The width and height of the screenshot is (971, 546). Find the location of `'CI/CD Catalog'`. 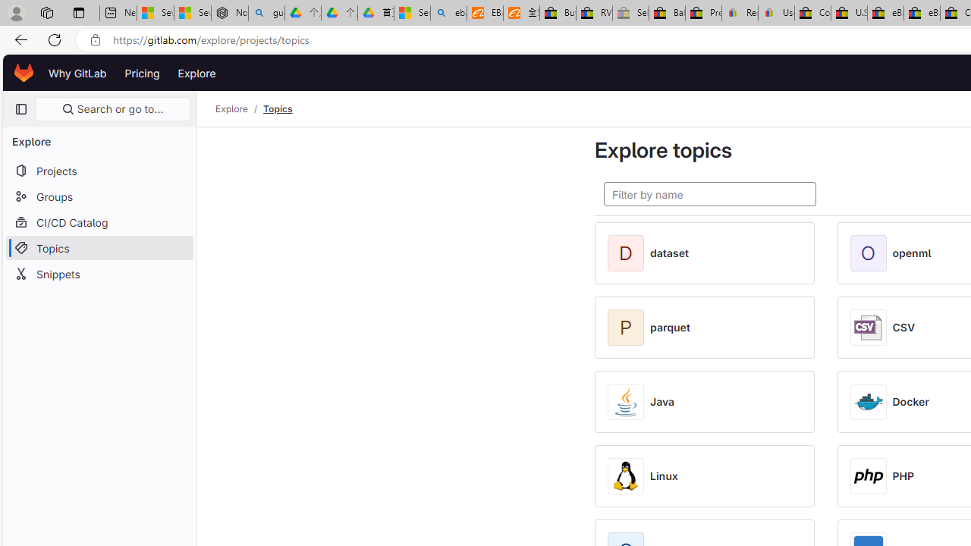

'CI/CD Catalog' is located at coordinates (99, 222).